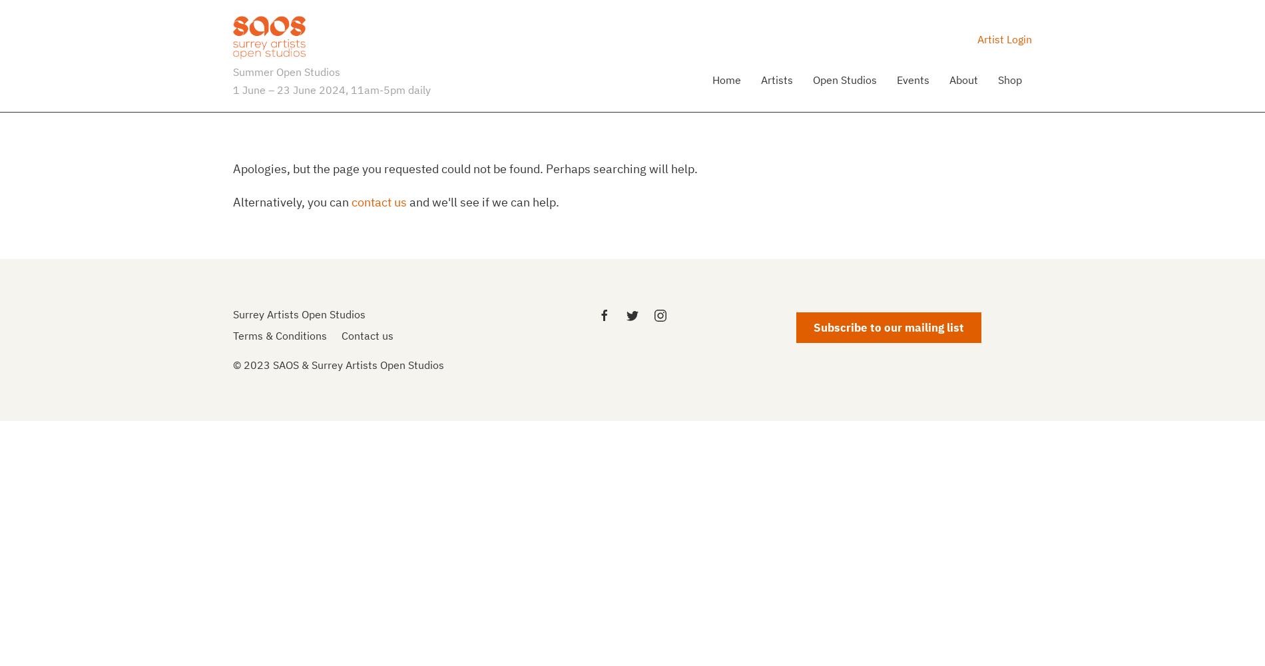 This screenshot has height=666, width=1265. I want to click on 'Open Studios', so click(844, 78).